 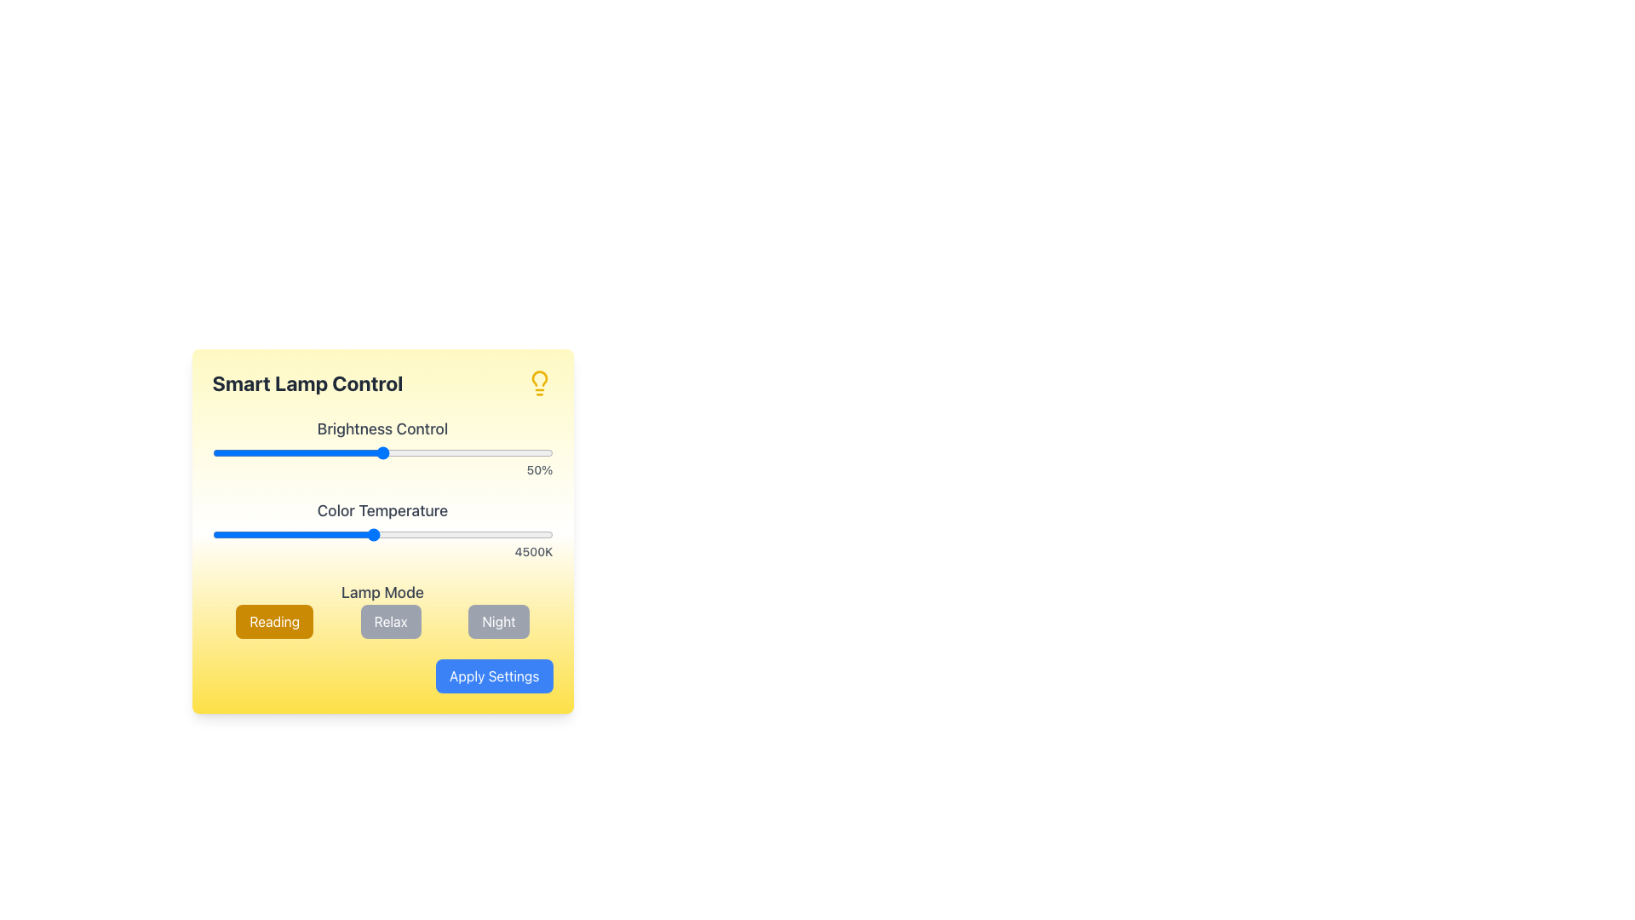 I want to click on the 'Apply Settings' button located at the bottom-right corner of the 'Smart Lamp Control' panel, so click(x=381, y=676).